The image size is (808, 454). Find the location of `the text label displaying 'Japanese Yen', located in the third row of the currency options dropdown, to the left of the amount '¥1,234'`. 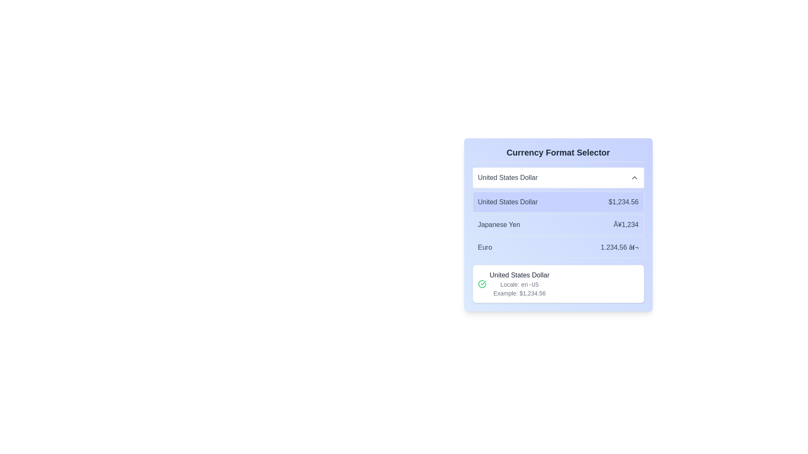

the text label displaying 'Japanese Yen', located in the third row of the currency options dropdown, to the left of the amount '¥1,234' is located at coordinates (499, 224).